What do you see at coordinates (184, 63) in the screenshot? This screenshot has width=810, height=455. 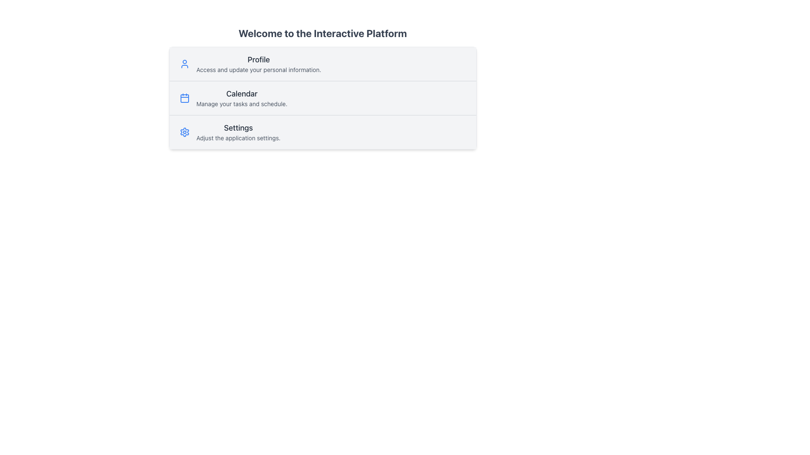 I see `the SVG icon representing the Profile section, which is part of a vertical navigation interface, positioned to the left of the text 'Profile Access and update your personal information.'` at bounding box center [184, 63].